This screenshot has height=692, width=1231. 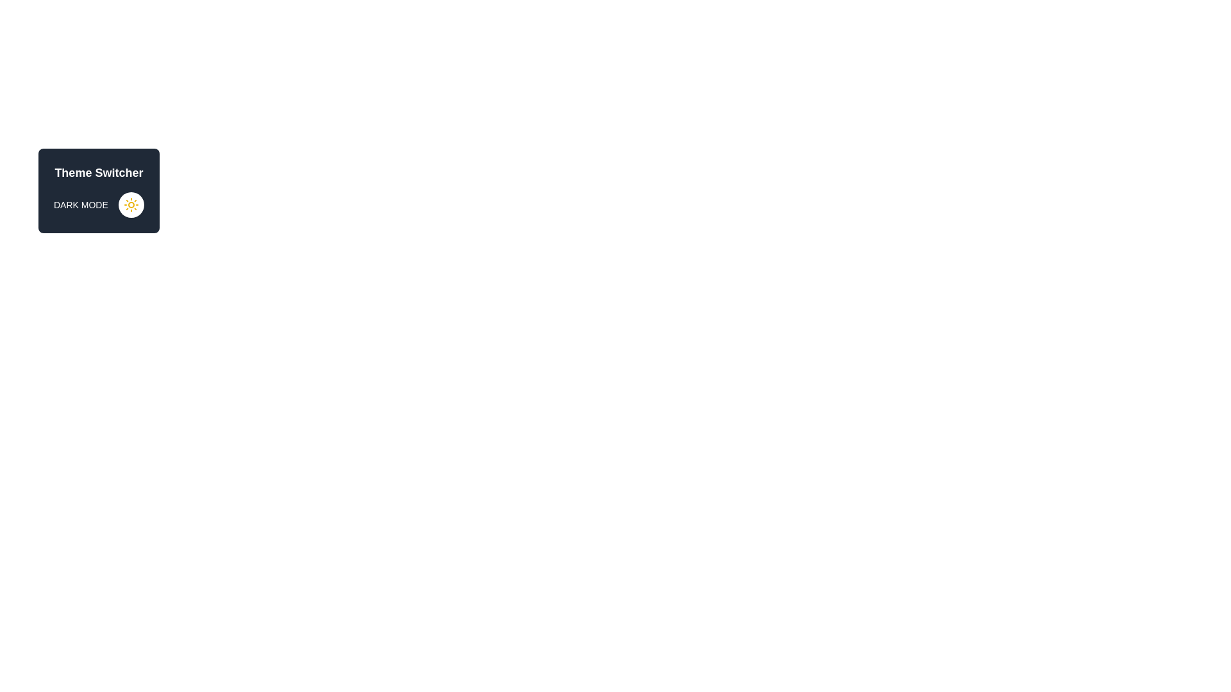 What do you see at coordinates (80, 204) in the screenshot?
I see `the static label indicating 'Dark Mode' located in the bottom-left area of the 'Theme Switcher' card` at bounding box center [80, 204].